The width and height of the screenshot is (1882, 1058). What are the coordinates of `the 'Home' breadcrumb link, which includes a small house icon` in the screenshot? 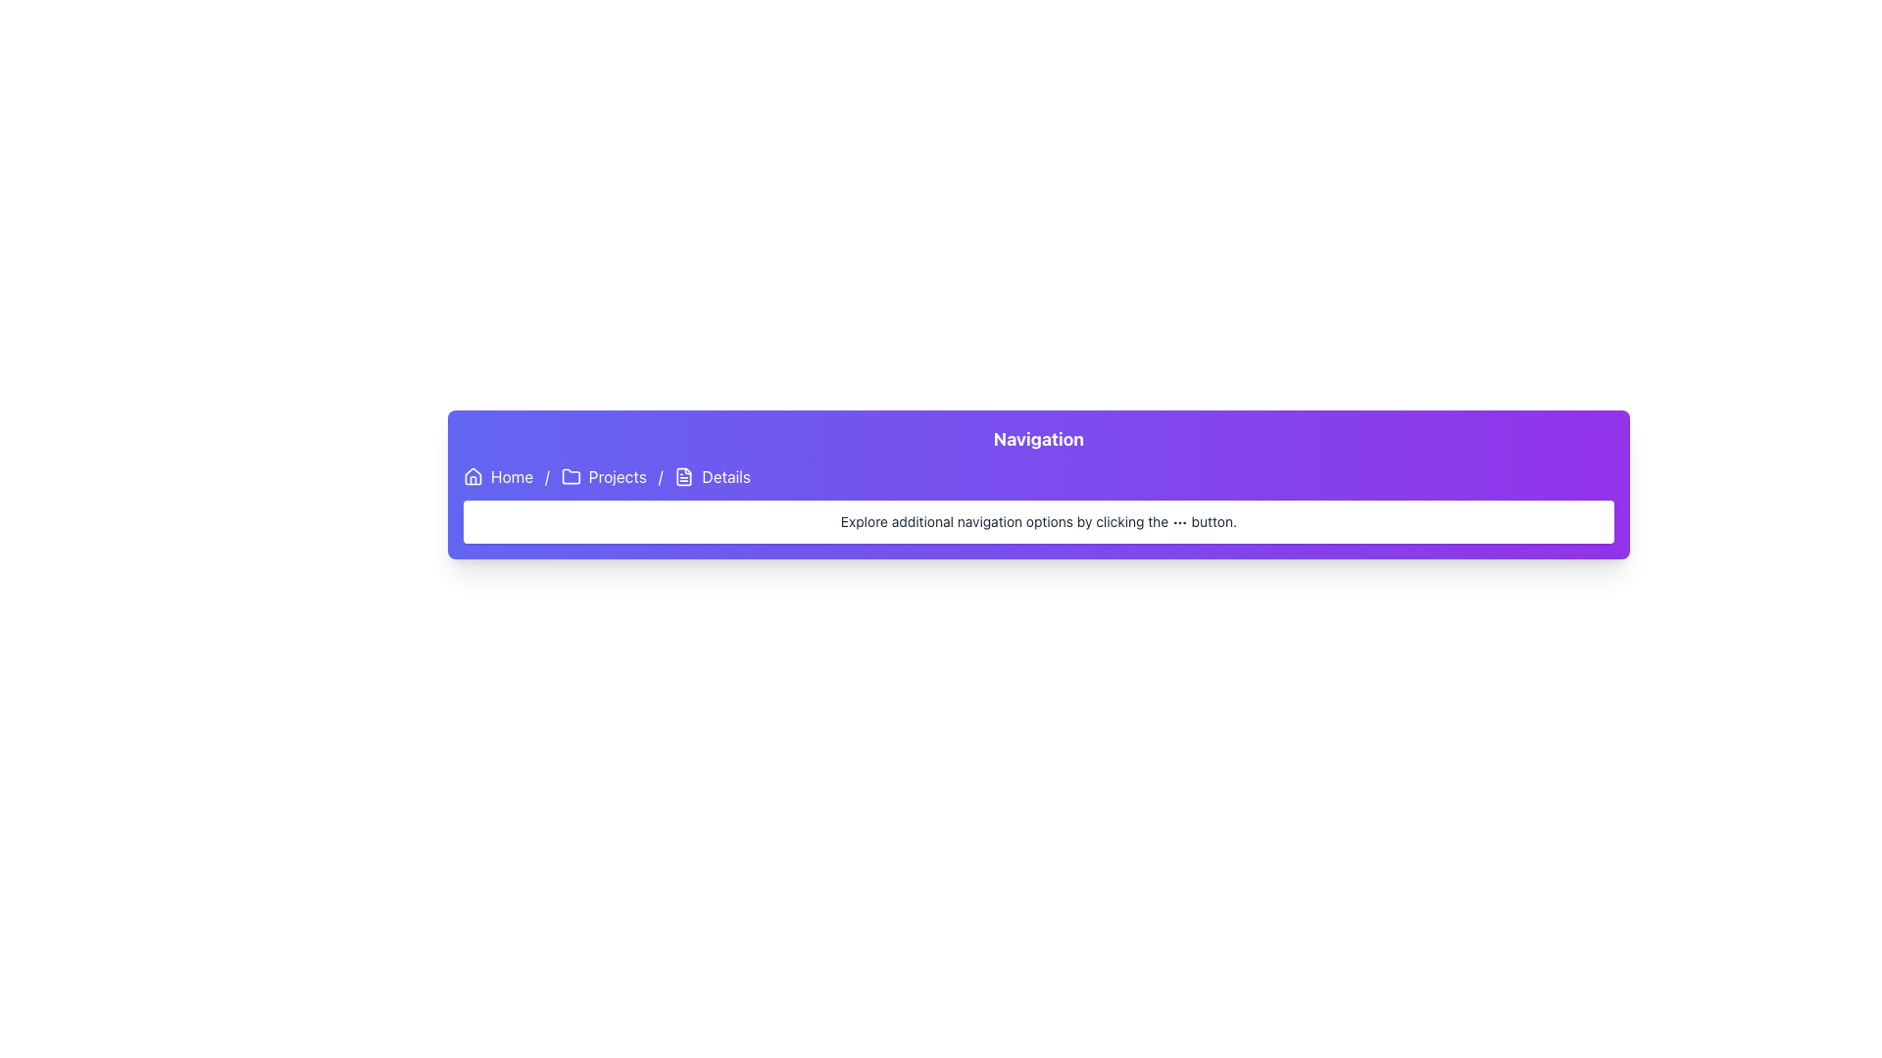 It's located at (498, 476).